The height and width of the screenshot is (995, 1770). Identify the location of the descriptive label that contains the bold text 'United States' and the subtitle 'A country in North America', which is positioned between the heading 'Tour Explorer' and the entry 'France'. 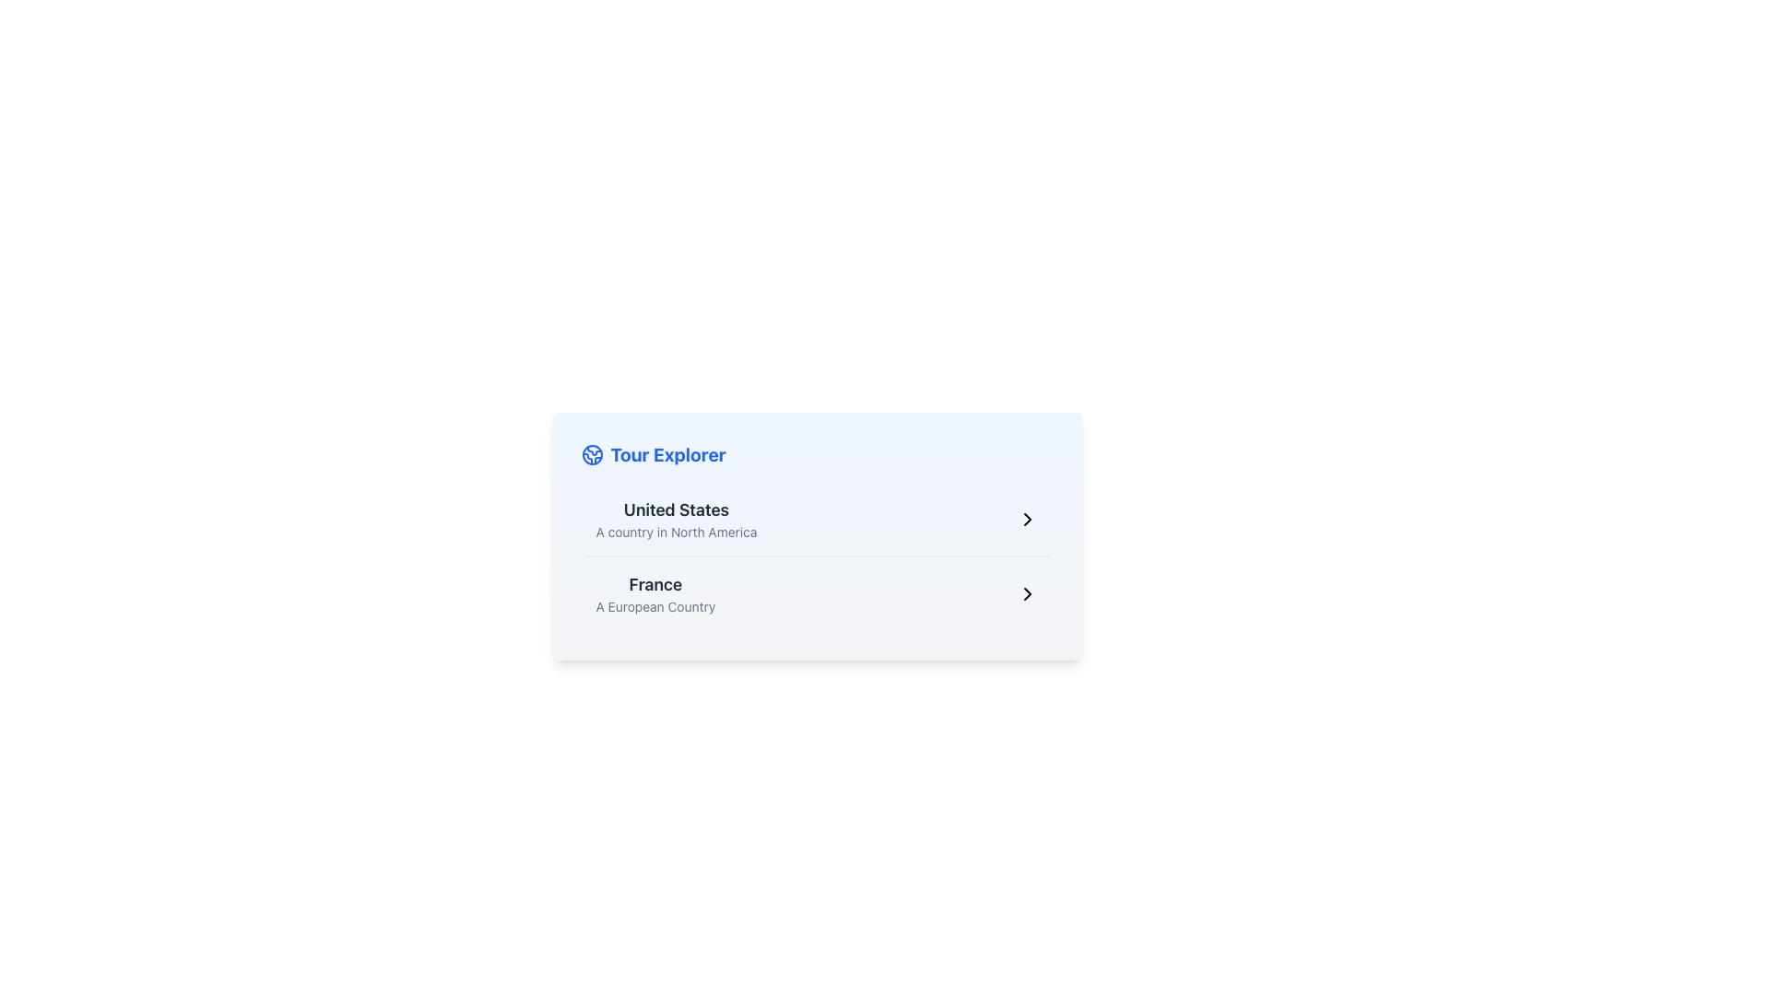
(676, 519).